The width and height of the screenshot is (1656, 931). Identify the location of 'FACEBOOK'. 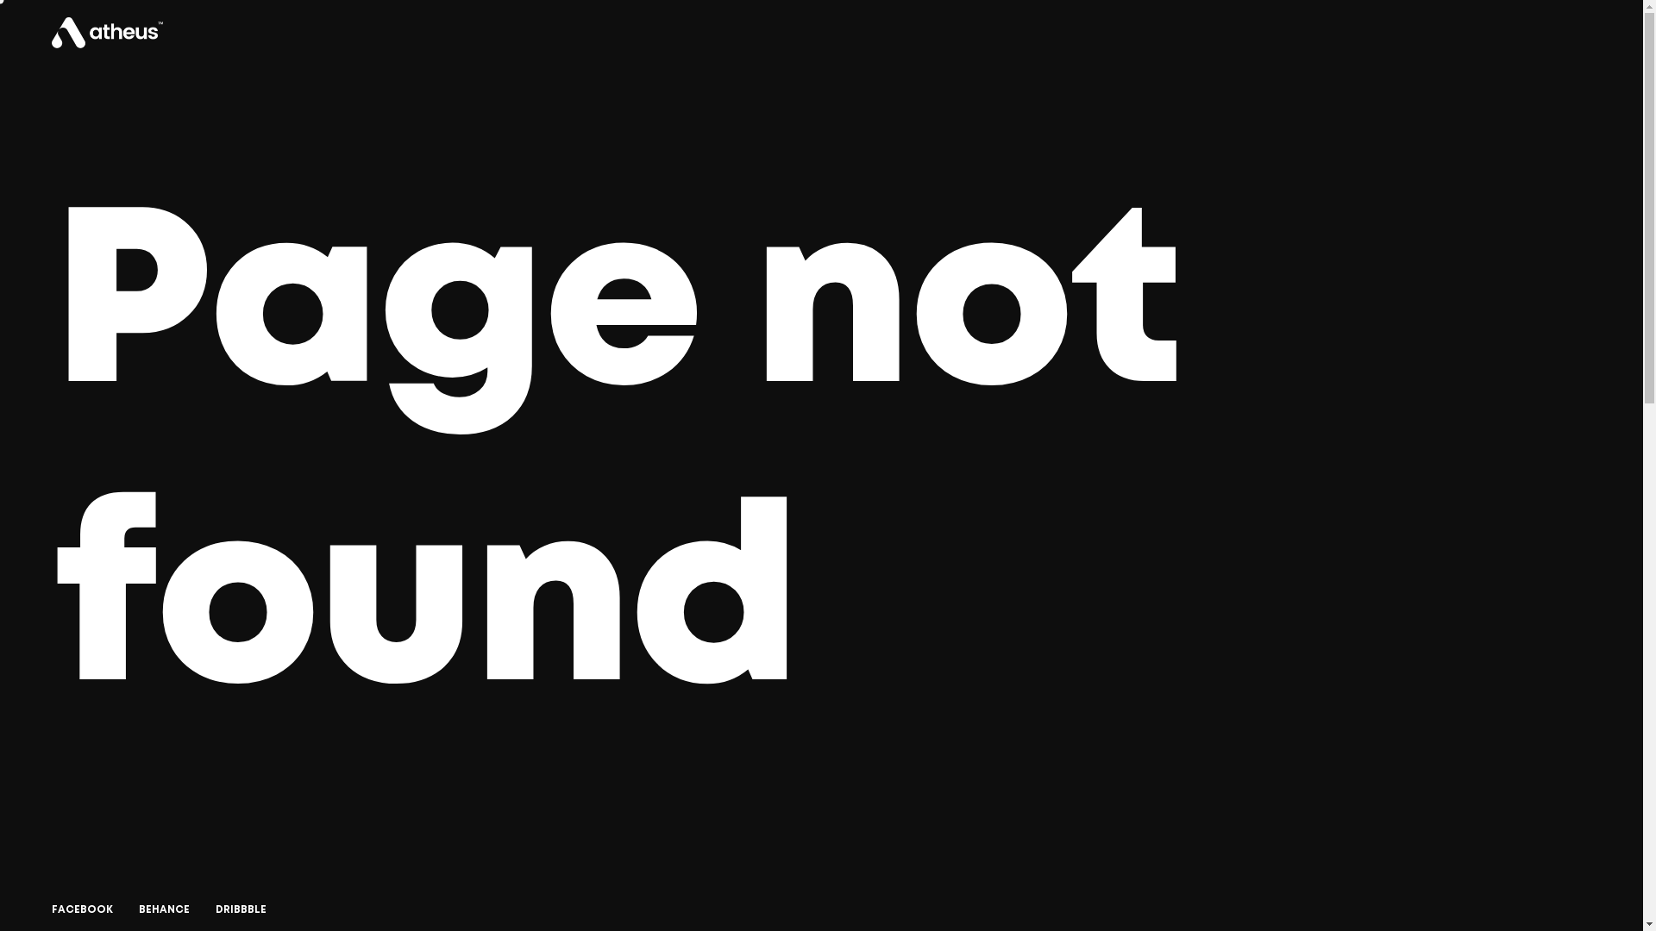
(81, 909).